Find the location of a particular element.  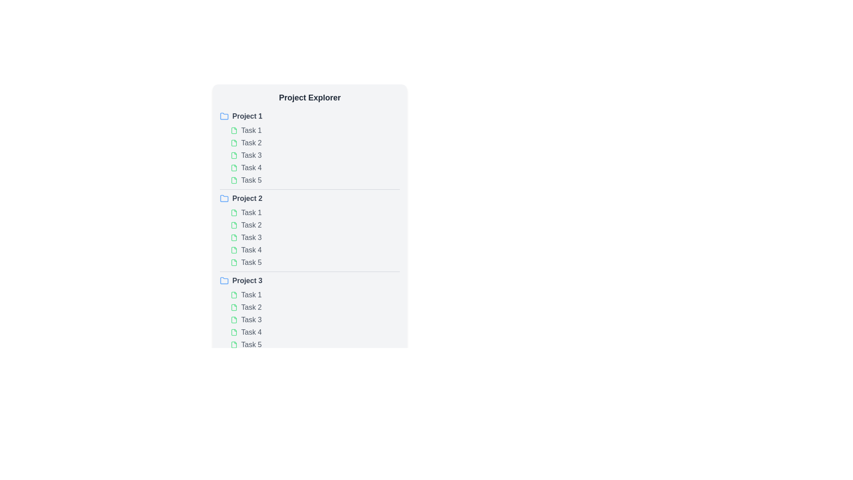

the green-outlined file icon that is positioned to the left of the text label 'Task 3' is located at coordinates (234, 320).